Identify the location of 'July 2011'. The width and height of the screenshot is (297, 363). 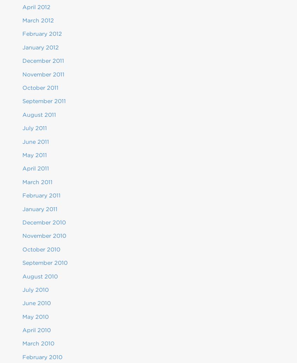
(22, 128).